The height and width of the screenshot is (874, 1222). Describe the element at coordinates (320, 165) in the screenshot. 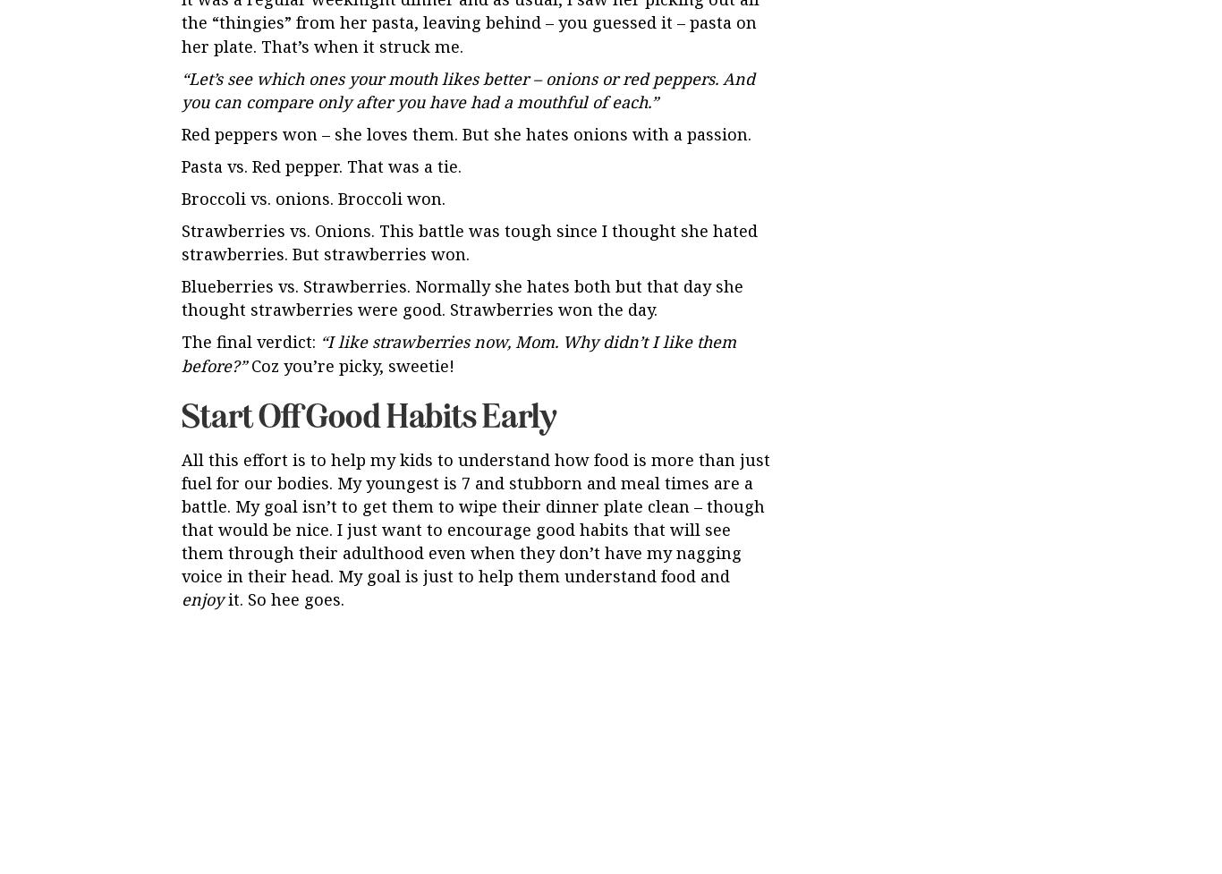

I see `'Pasta vs. Red pepper. That was a tie.'` at that location.